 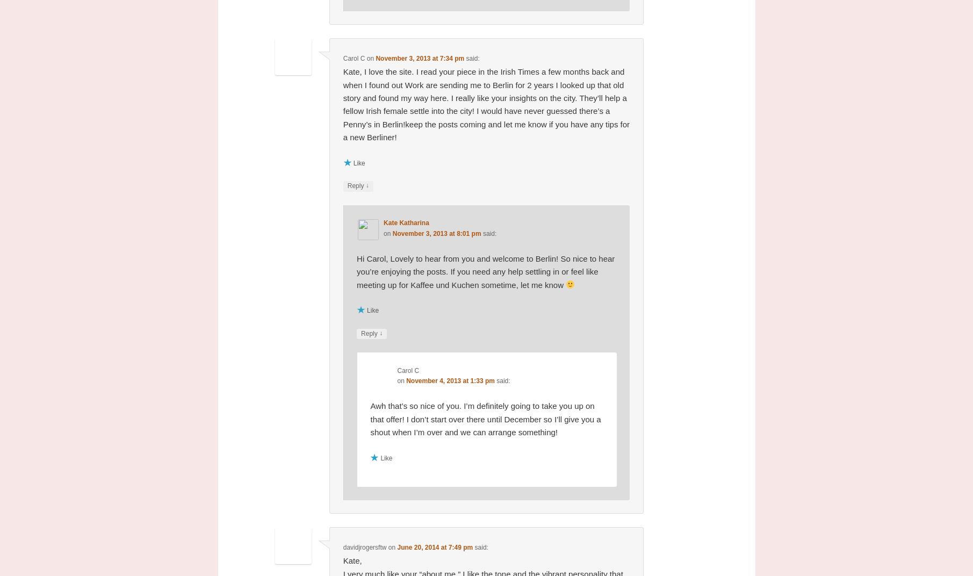 I want to click on 'November 3, 2013 at 7:34 pm', so click(x=419, y=57).